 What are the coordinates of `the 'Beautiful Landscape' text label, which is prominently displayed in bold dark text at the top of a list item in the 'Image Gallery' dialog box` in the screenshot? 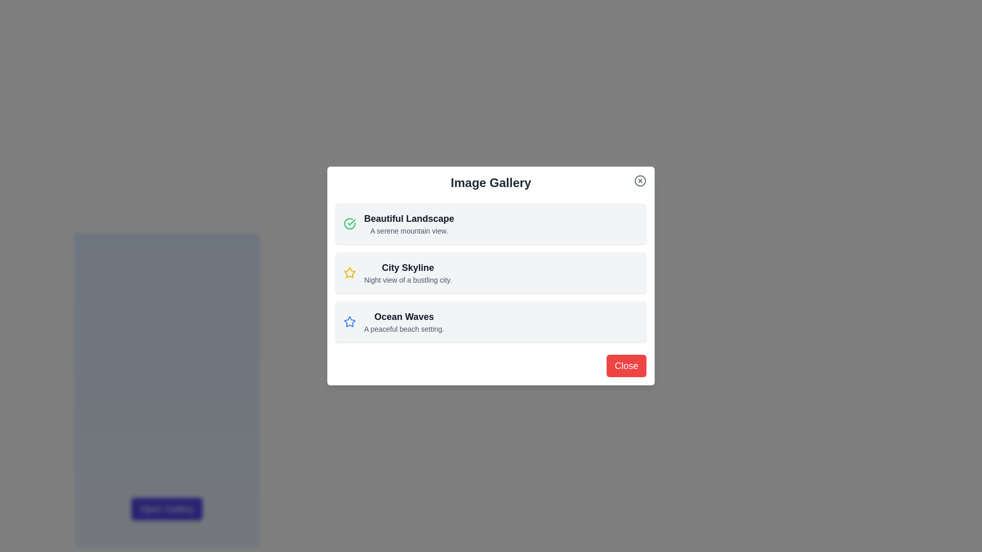 It's located at (409, 218).